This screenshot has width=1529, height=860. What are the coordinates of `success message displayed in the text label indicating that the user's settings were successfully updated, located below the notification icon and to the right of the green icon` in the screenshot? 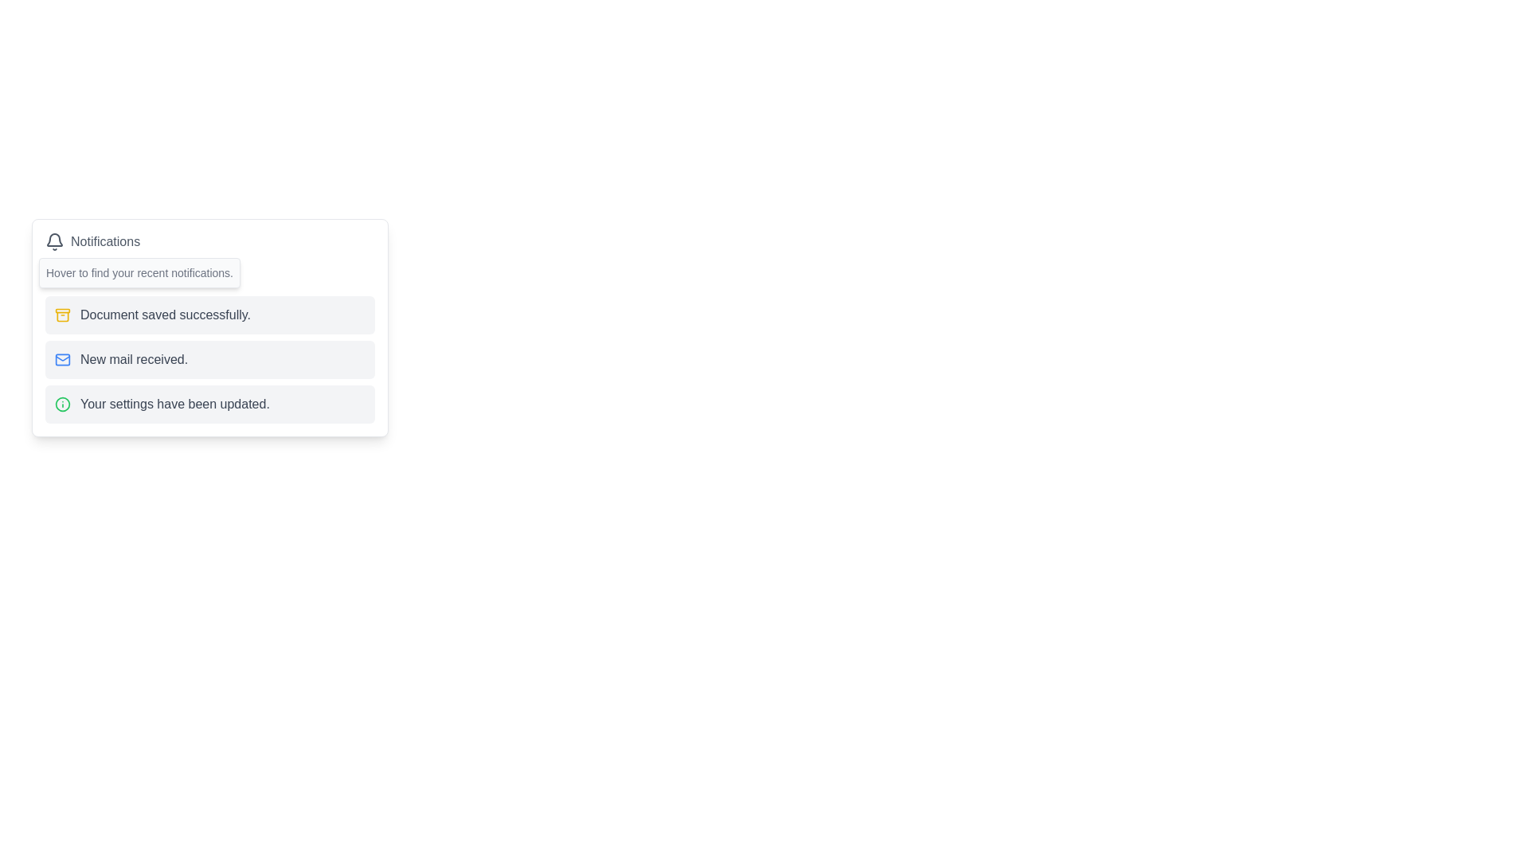 It's located at (174, 404).